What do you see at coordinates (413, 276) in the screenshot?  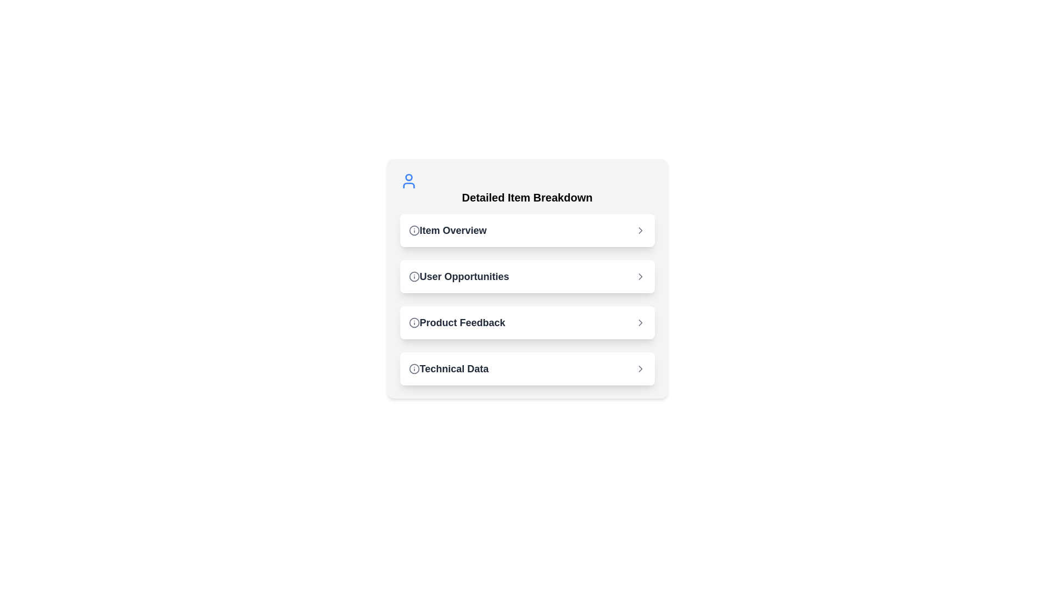 I see `the icon located in the second row labeled 'User Opportunities', which is centrally aligned vertically and positioned to the left of the text label` at bounding box center [413, 276].